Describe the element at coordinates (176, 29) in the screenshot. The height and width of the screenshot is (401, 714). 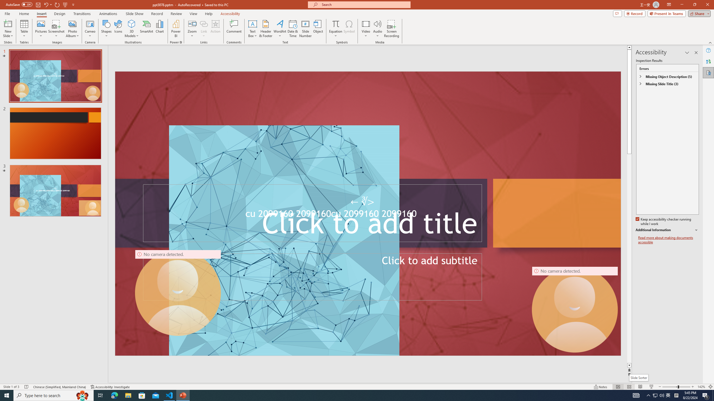
I see `'Power BI'` at that location.